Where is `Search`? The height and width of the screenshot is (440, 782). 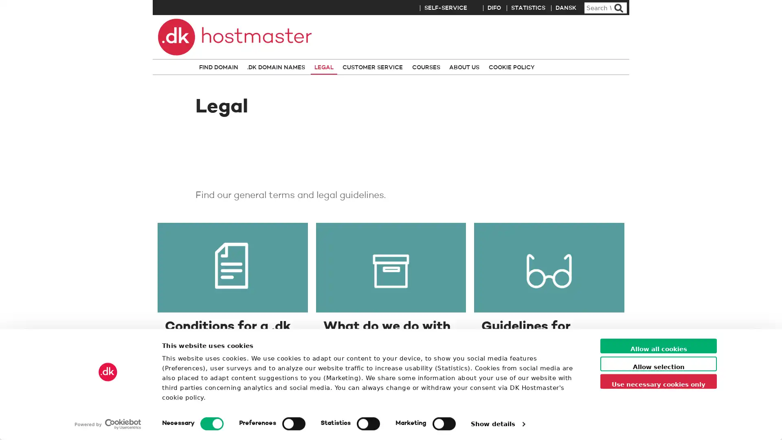 Search is located at coordinates (619, 8).